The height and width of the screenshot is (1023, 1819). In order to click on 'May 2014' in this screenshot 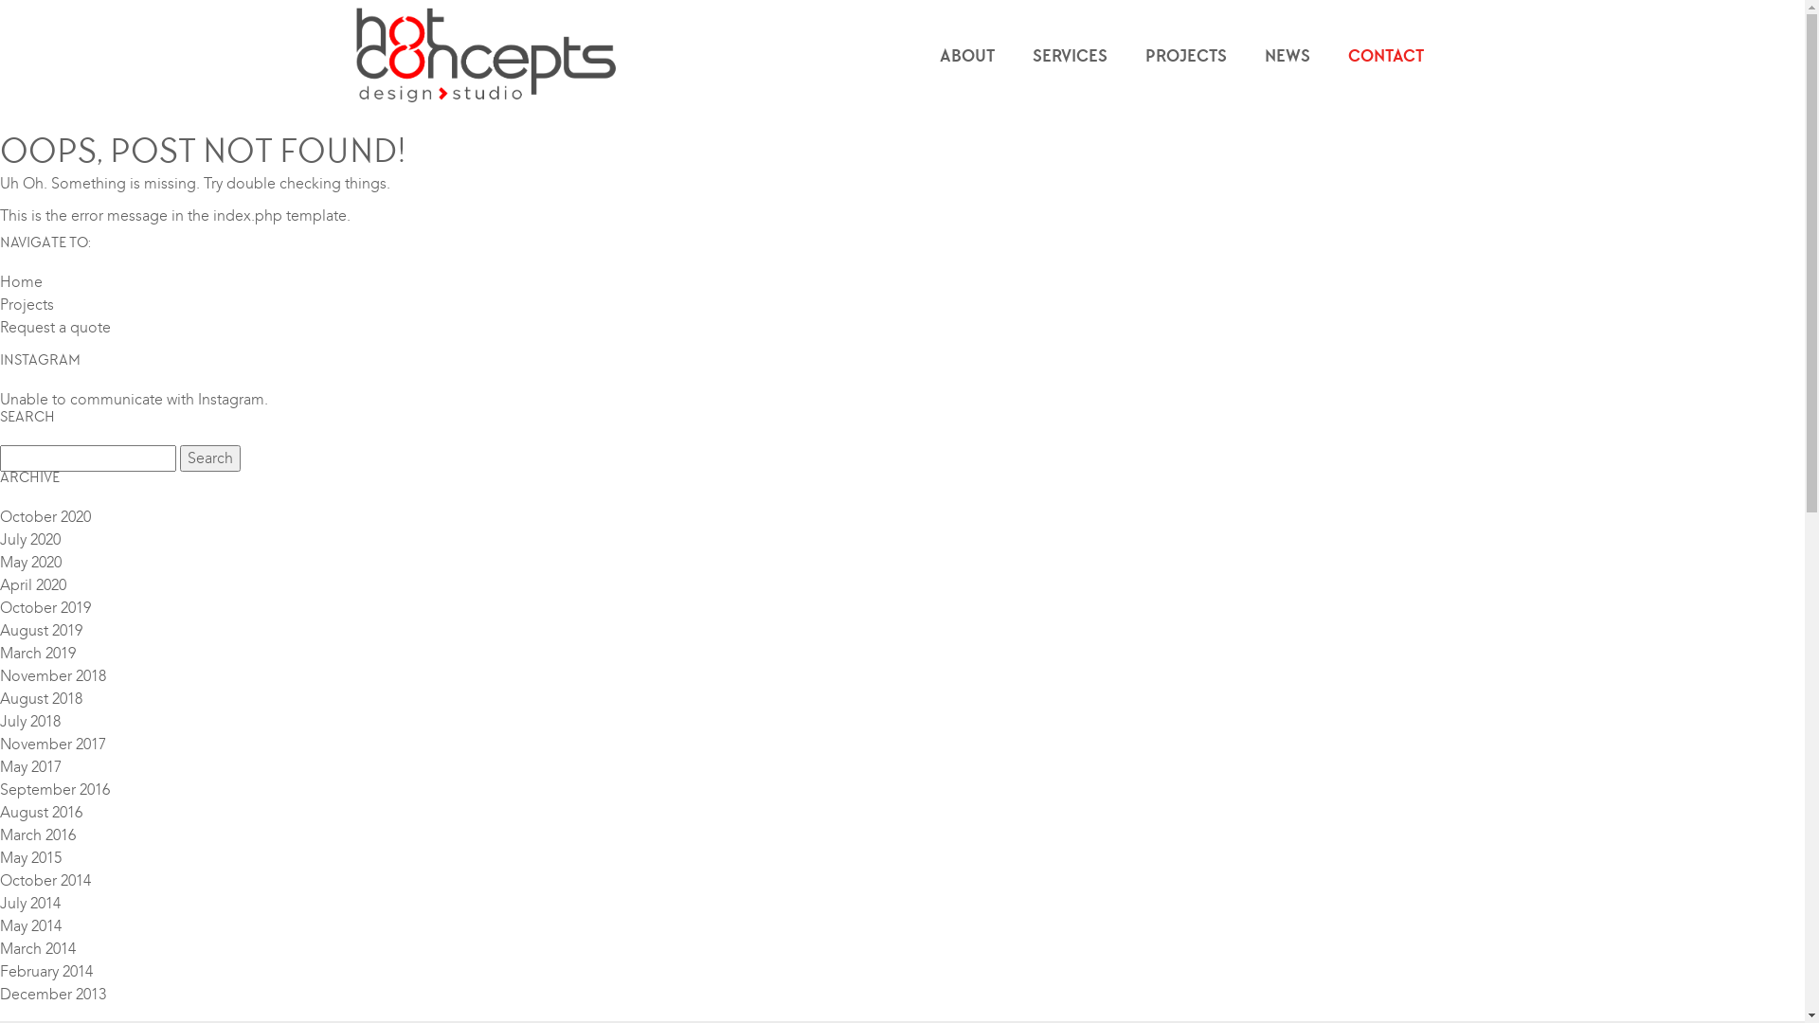, I will do `click(30, 925)`.